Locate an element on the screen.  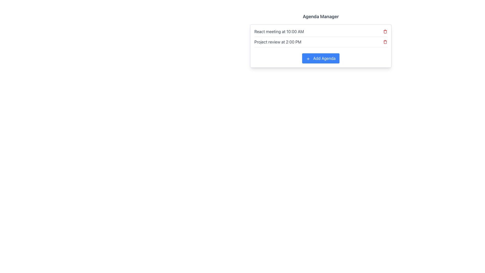
text label displaying 'Project review at 2:00 PM', which is located in the second row of the agenda panel, left-aligned under the 'React meeting at 10:00 AM' is located at coordinates (280, 41).